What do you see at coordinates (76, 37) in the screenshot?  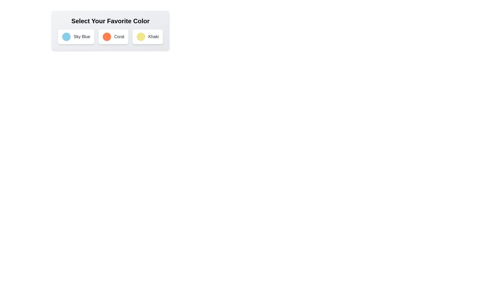 I see `the layout of the swatches by selecting Sky Blue` at bounding box center [76, 37].